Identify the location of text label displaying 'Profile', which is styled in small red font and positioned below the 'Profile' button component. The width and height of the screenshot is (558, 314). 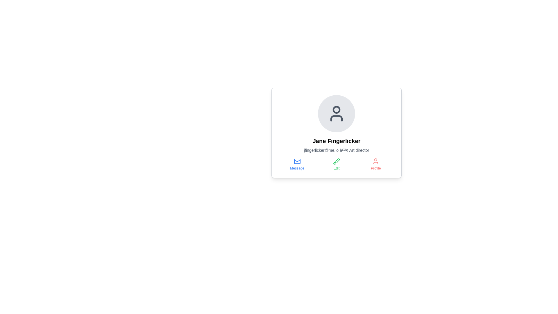
(376, 168).